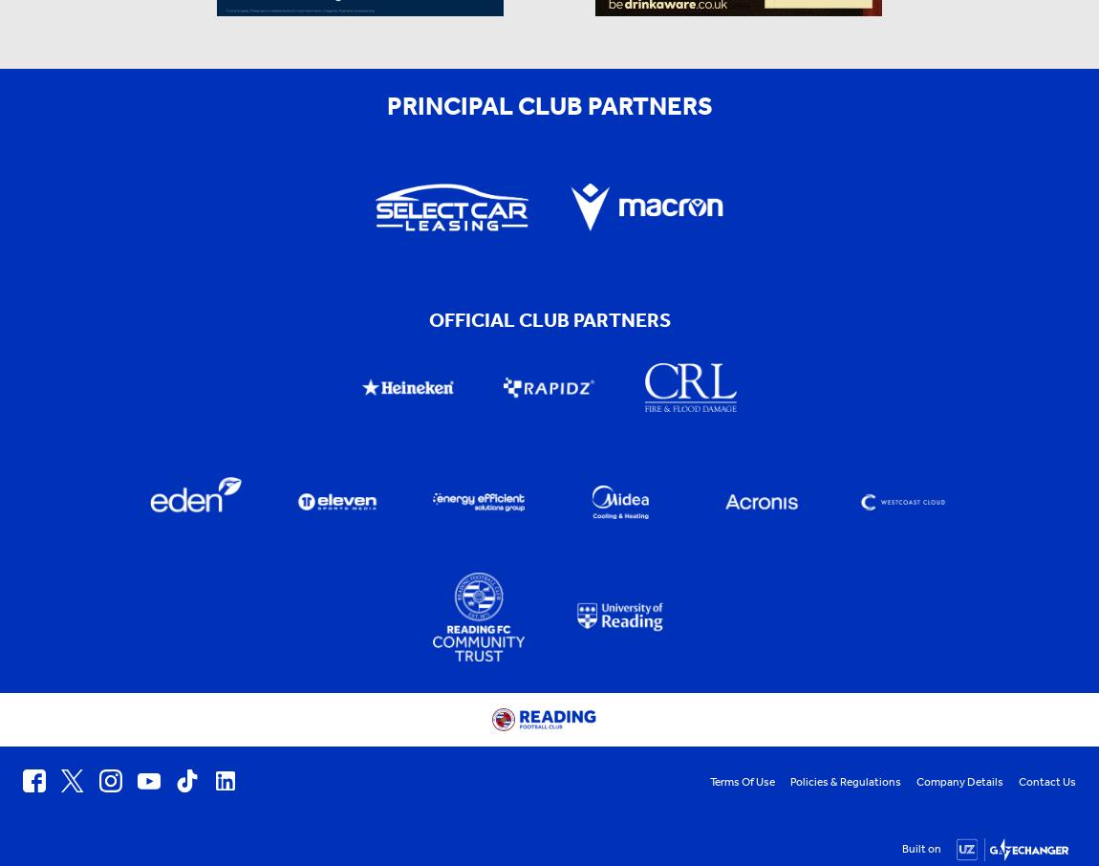 This screenshot has width=1099, height=866. Describe the element at coordinates (846, 781) in the screenshot. I see `'Policies & Regulations'` at that location.